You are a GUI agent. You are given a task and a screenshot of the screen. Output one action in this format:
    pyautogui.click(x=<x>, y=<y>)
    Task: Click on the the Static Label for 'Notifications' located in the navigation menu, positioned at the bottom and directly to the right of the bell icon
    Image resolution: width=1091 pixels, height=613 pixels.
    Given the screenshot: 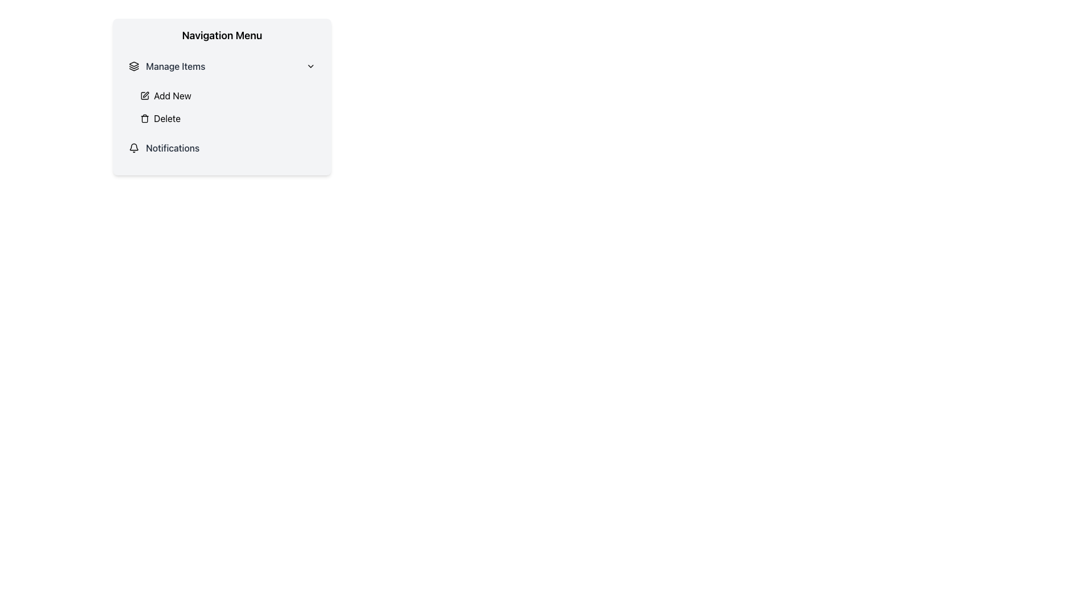 What is the action you would take?
    pyautogui.click(x=172, y=148)
    